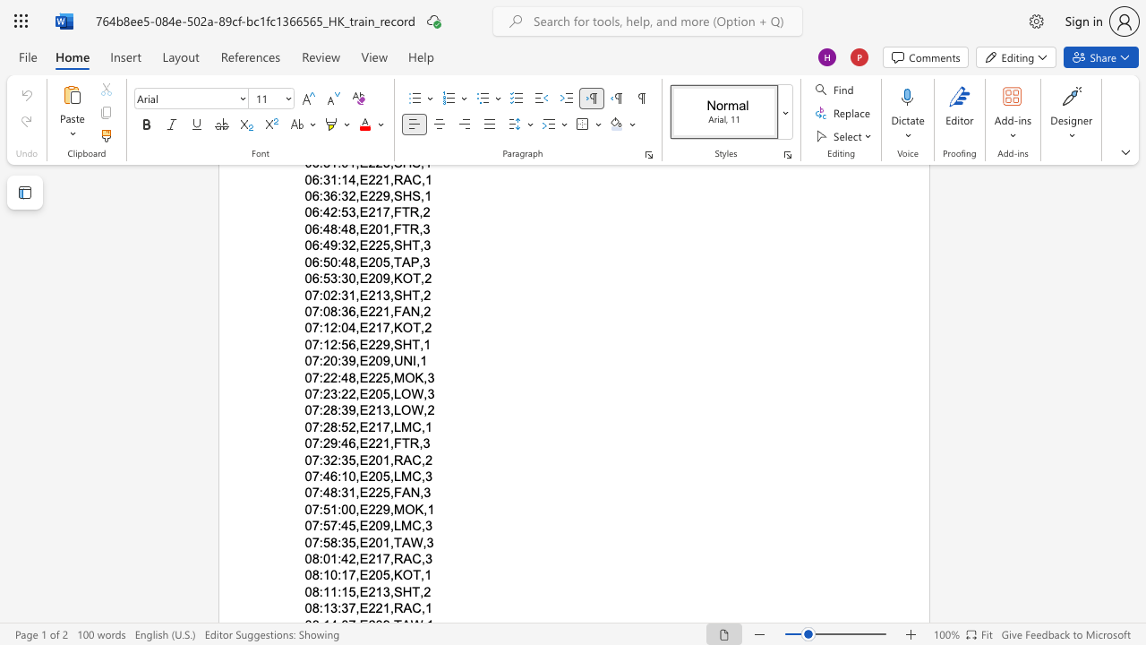 Image resolution: width=1146 pixels, height=645 pixels. Describe the element at coordinates (381, 607) in the screenshot. I see `the subset text "1," within the text "08:13:37,E221,RAC,1"` at that location.